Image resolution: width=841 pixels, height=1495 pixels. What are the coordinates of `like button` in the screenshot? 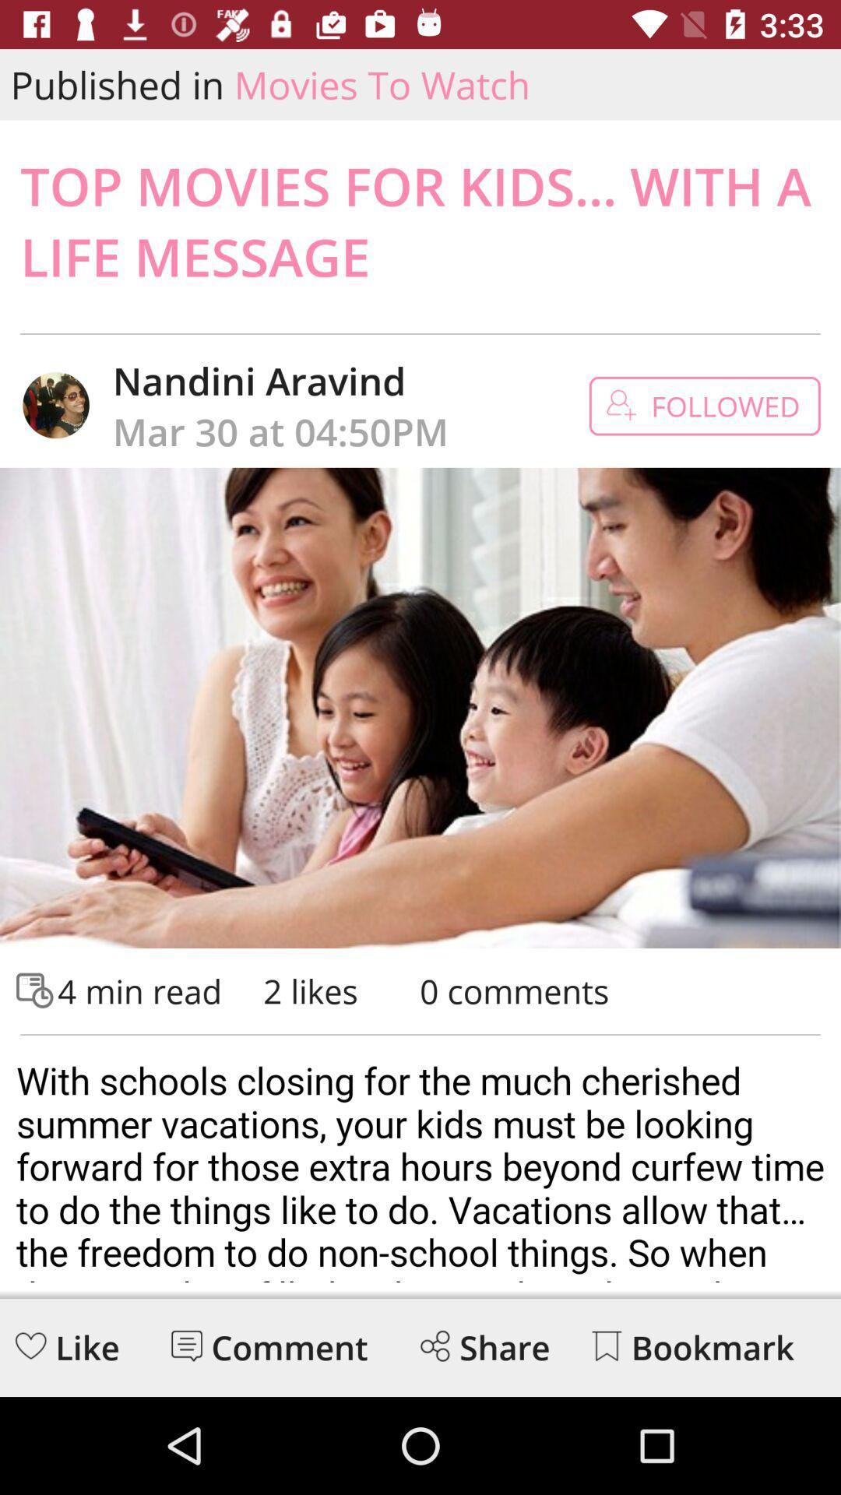 It's located at (30, 1345).